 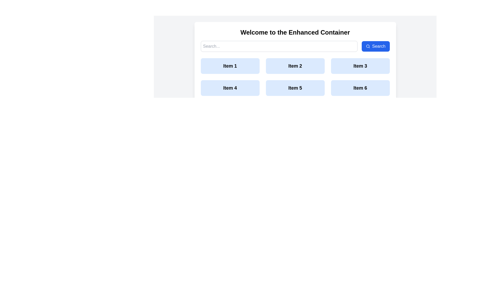 I want to click on the rectangular button with rounded corners and blue background that has 'Item 3' text to observe any visual feedback, so click(x=360, y=66).